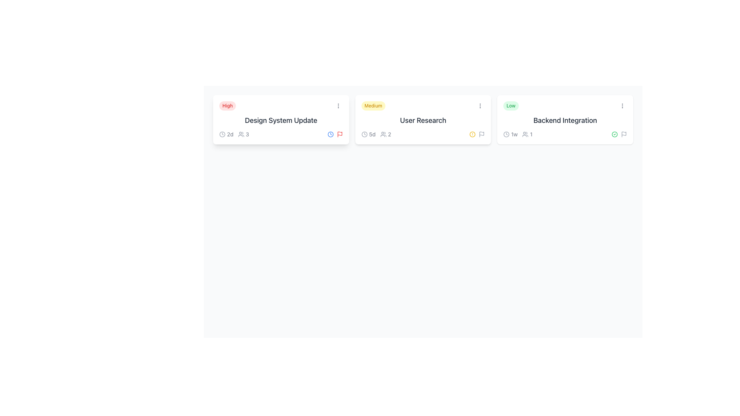 The image size is (740, 416). What do you see at coordinates (481, 134) in the screenshot?
I see `the small light gray flag icon located in the bottom-right corner of the 'User Research' card, positioned immediately to the right of the yellow warning circle` at bounding box center [481, 134].